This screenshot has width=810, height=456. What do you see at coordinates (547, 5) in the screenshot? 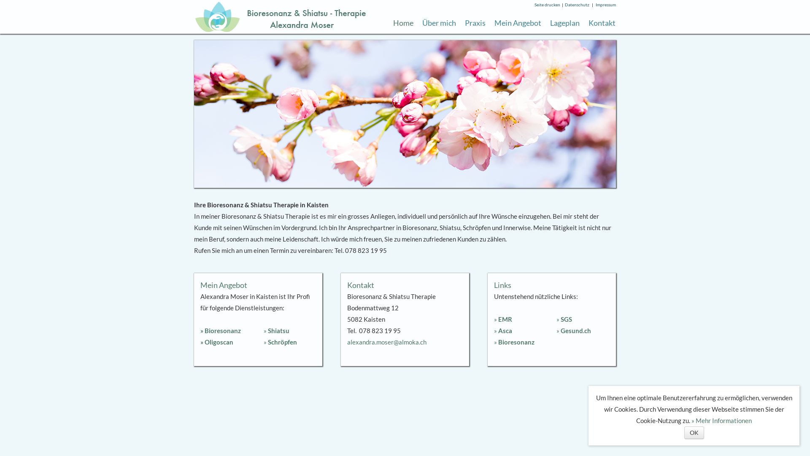
I see `'Seite drucken'` at bounding box center [547, 5].